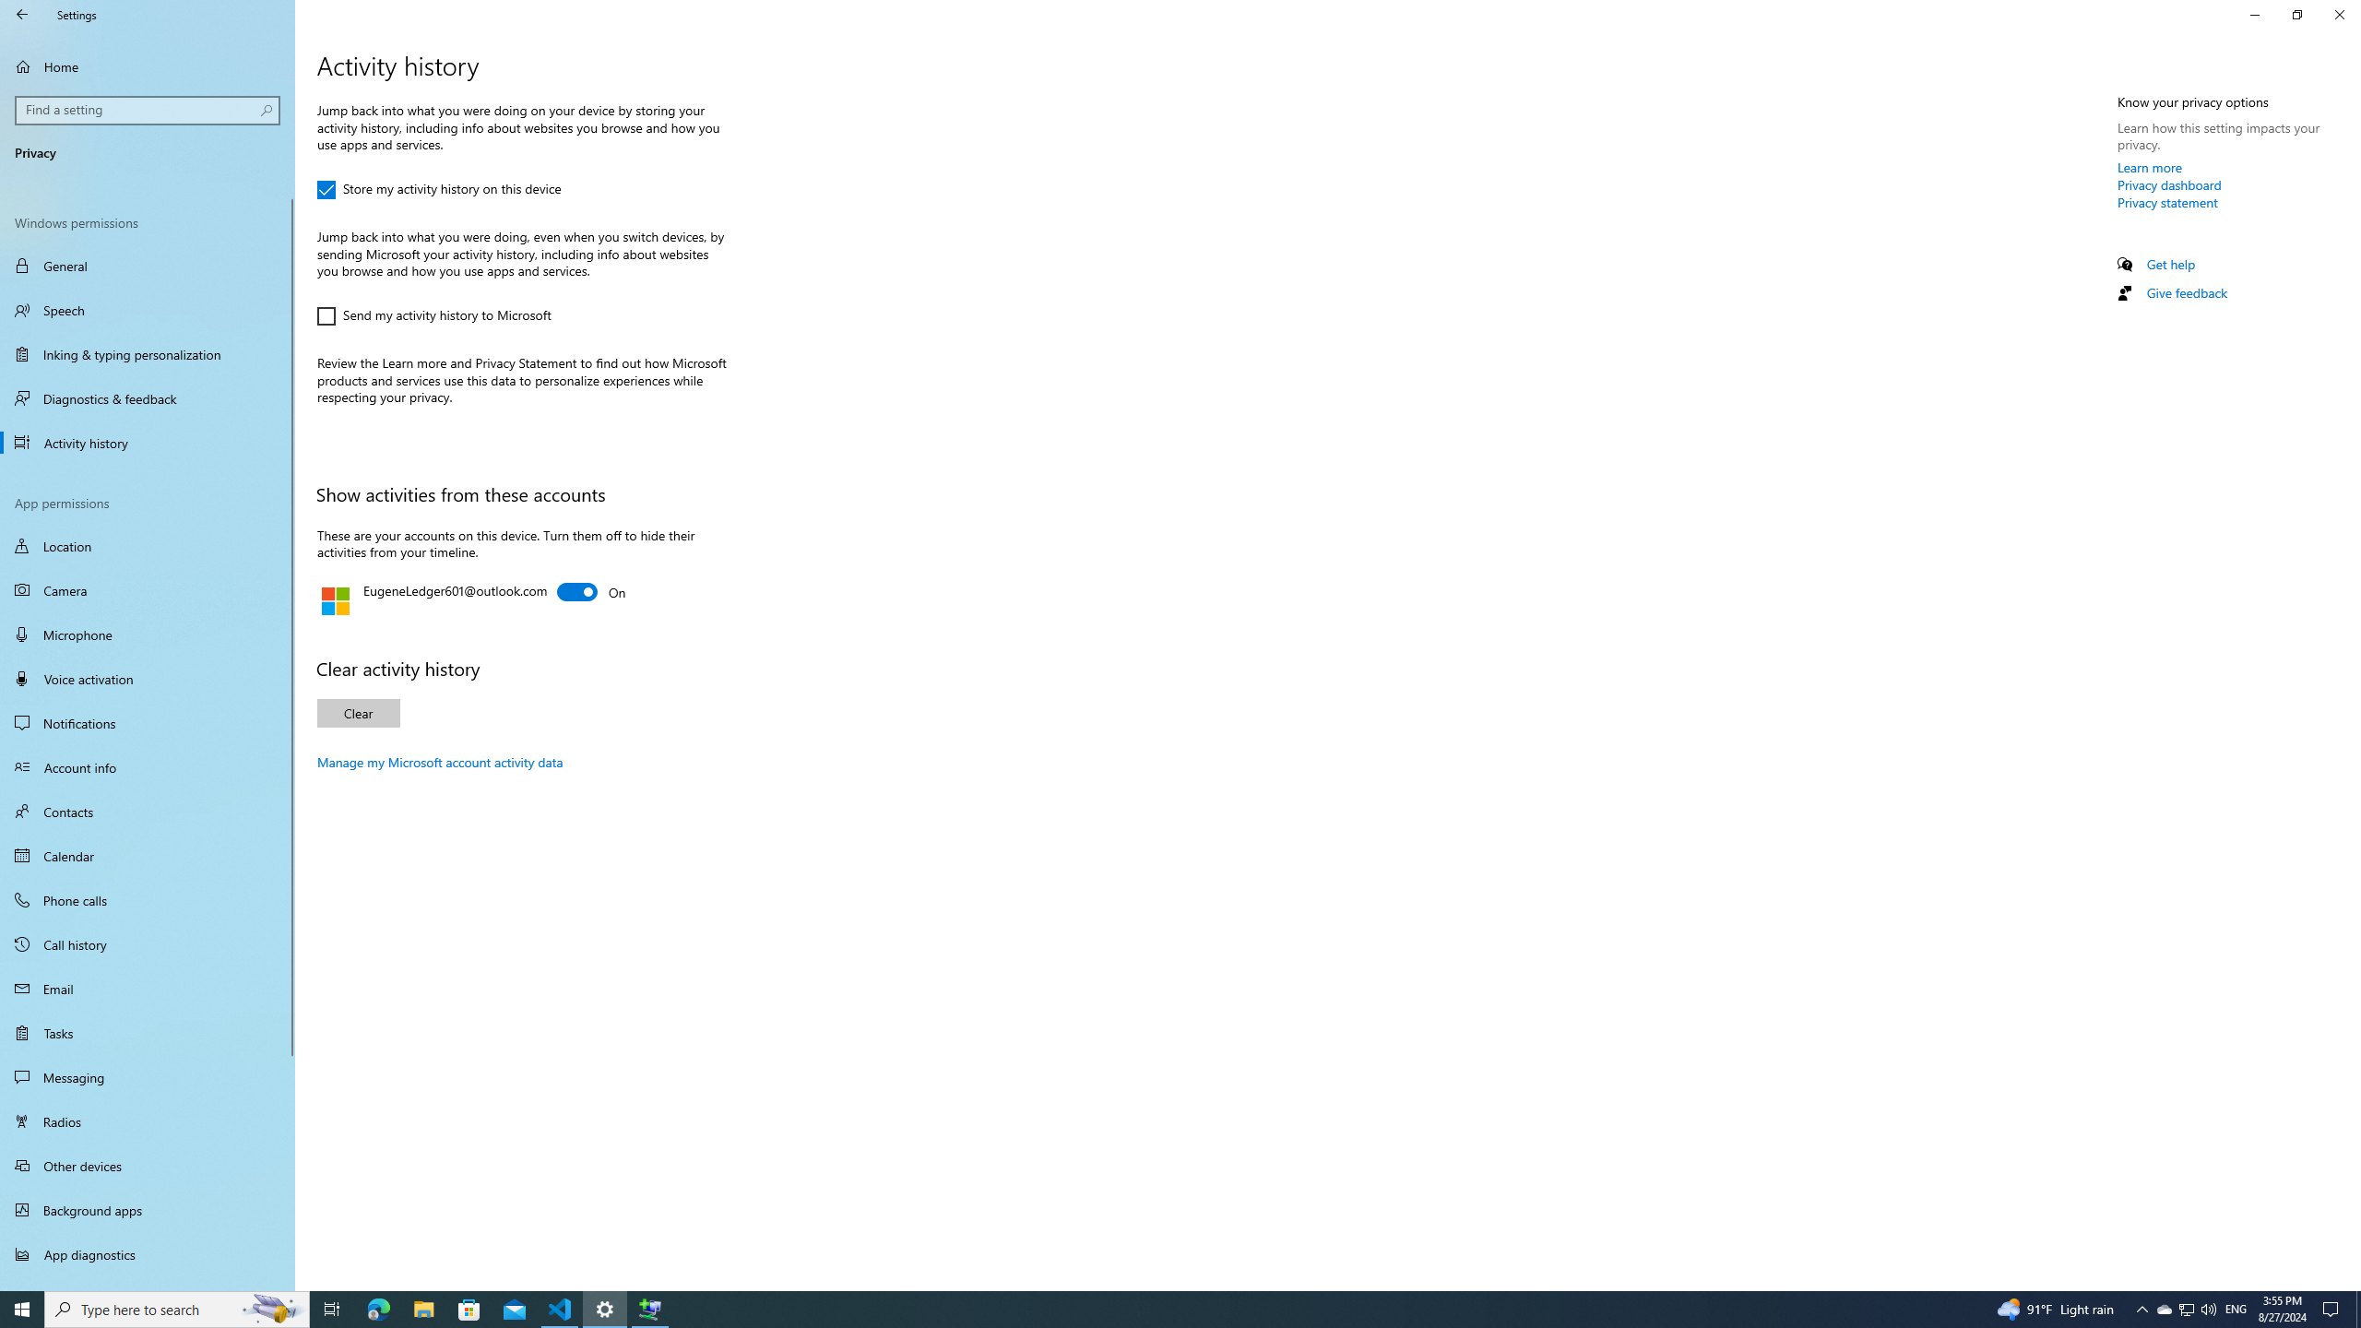 Image resolution: width=2361 pixels, height=1328 pixels. What do you see at coordinates (147, 1253) in the screenshot?
I see `'App diagnostics'` at bounding box center [147, 1253].